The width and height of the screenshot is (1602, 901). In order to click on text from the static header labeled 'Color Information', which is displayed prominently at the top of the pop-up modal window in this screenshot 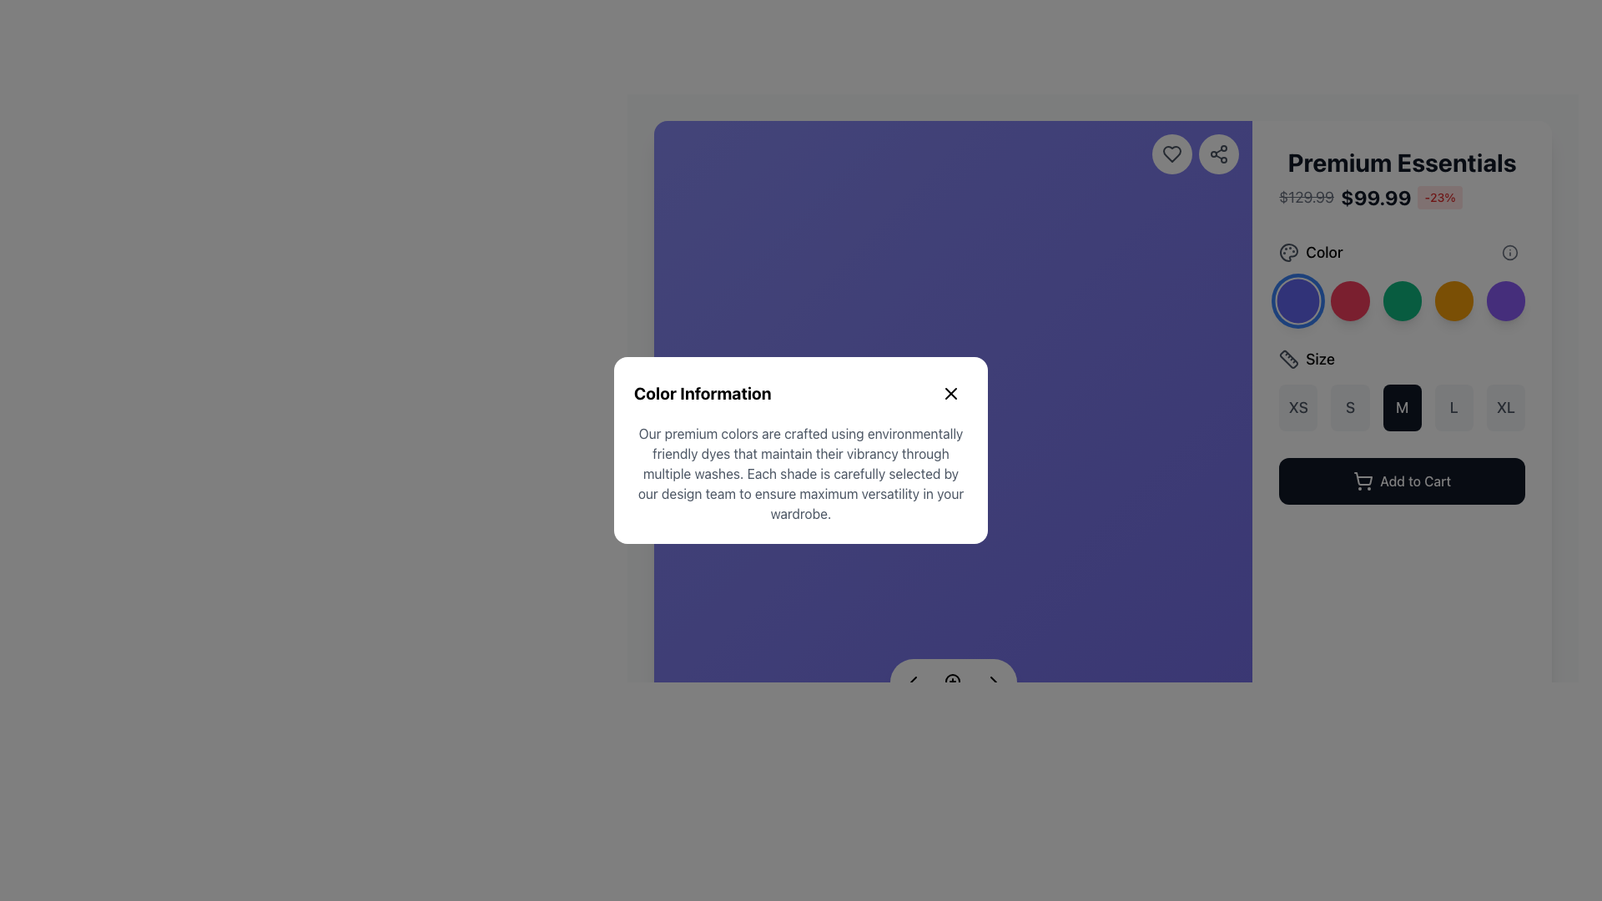, I will do `click(703, 393)`.